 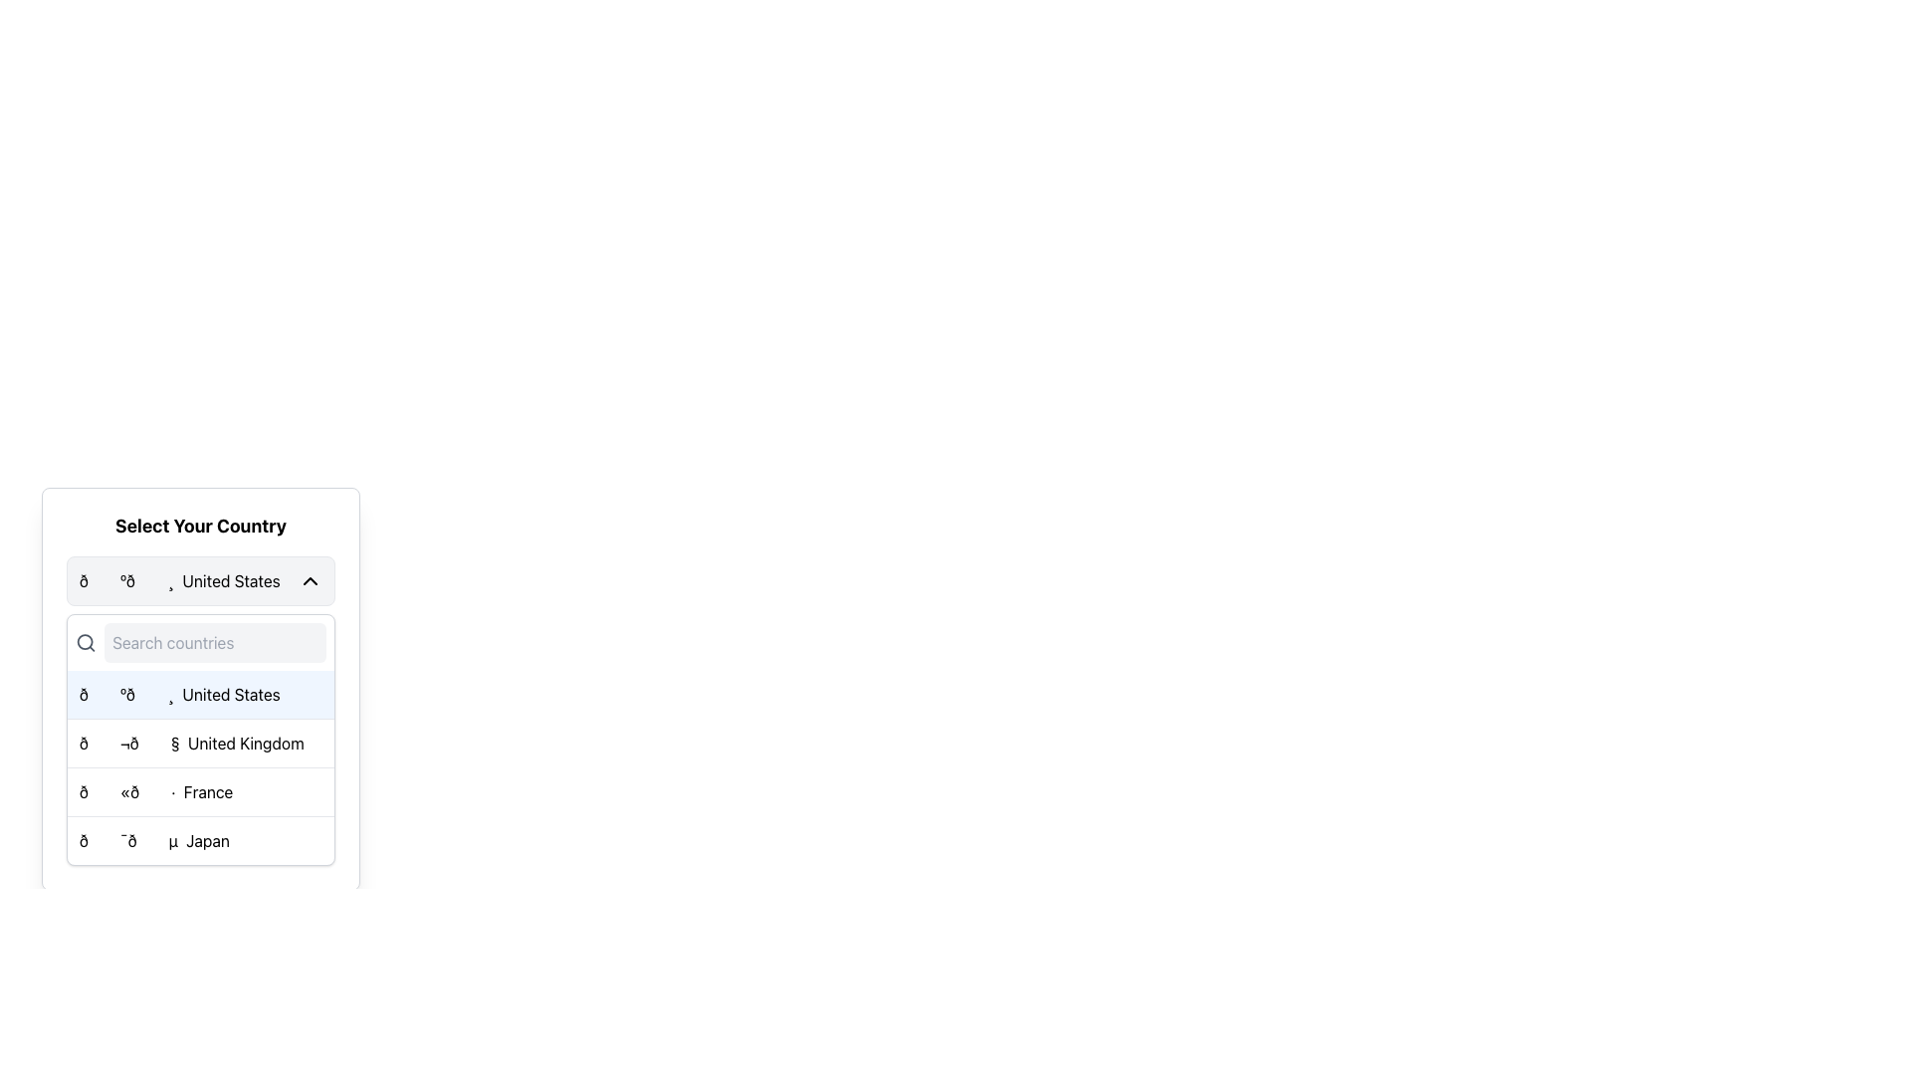 What do you see at coordinates (200, 580) in the screenshot?
I see `the dropdown activator for 'Select Your Country'` at bounding box center [200, 580].